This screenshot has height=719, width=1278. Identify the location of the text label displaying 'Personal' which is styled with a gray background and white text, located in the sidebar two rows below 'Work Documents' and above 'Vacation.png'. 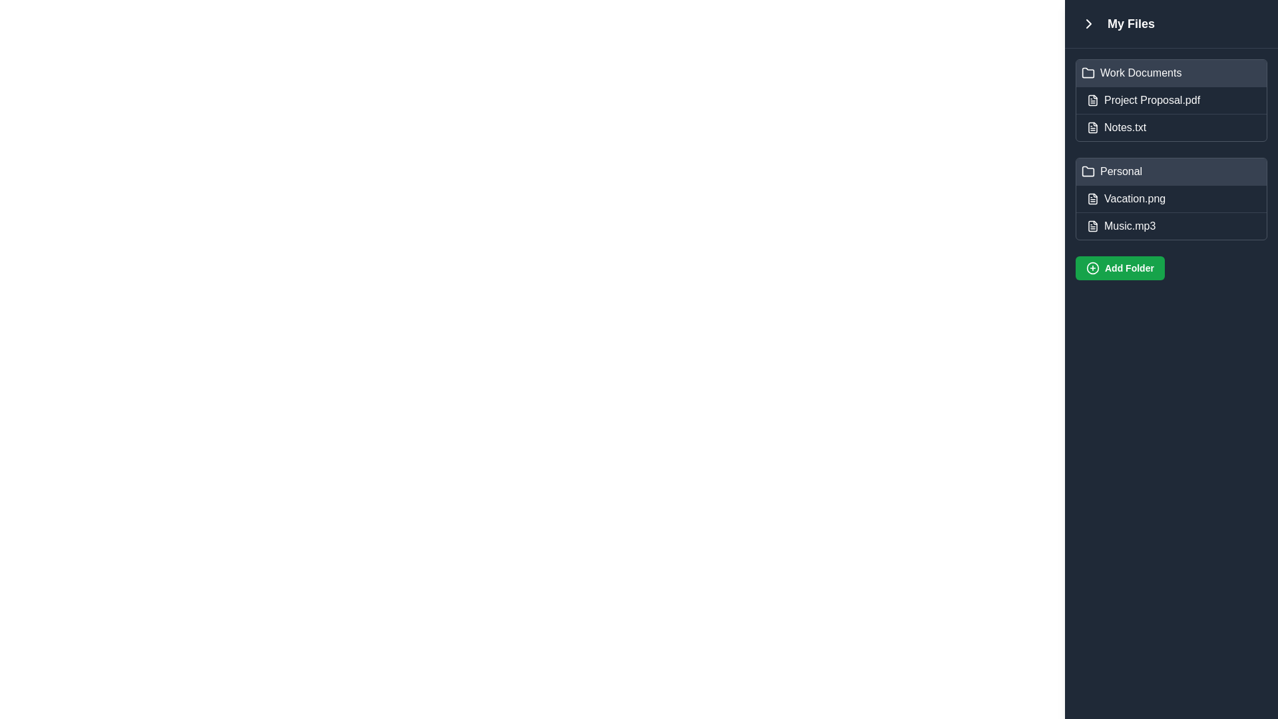
(1120, 171).